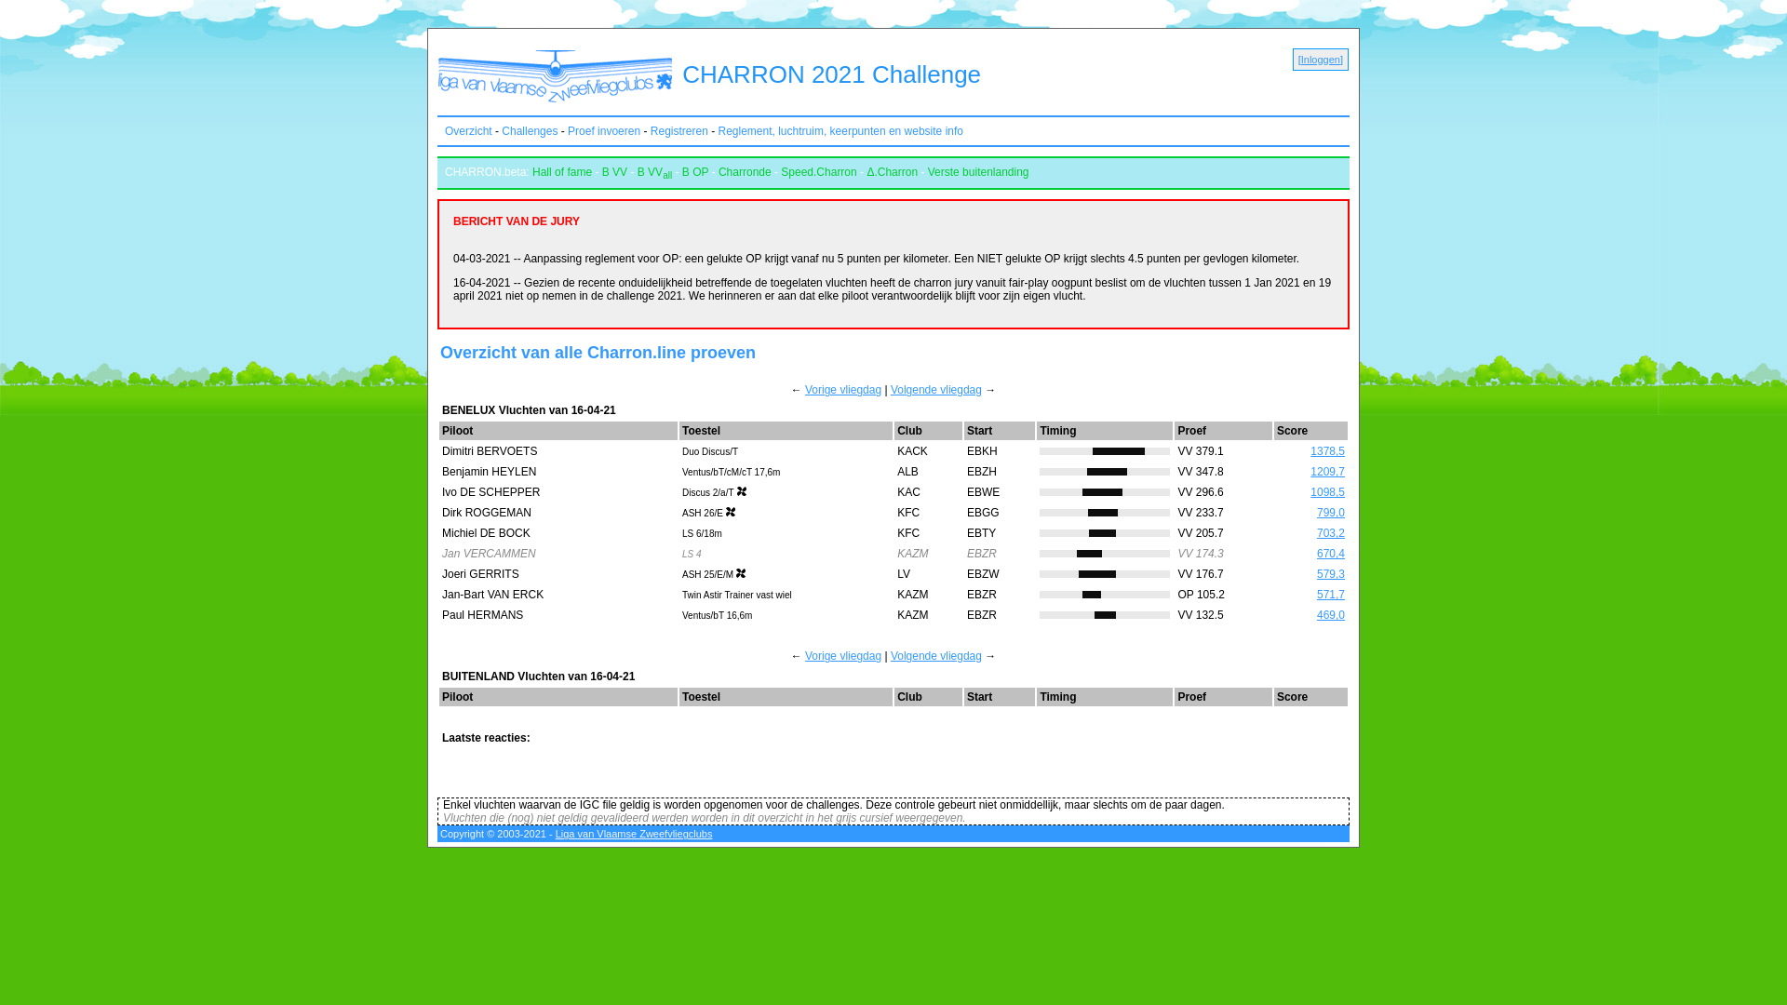  I want to click on 'Registreren', so click(678, 130).